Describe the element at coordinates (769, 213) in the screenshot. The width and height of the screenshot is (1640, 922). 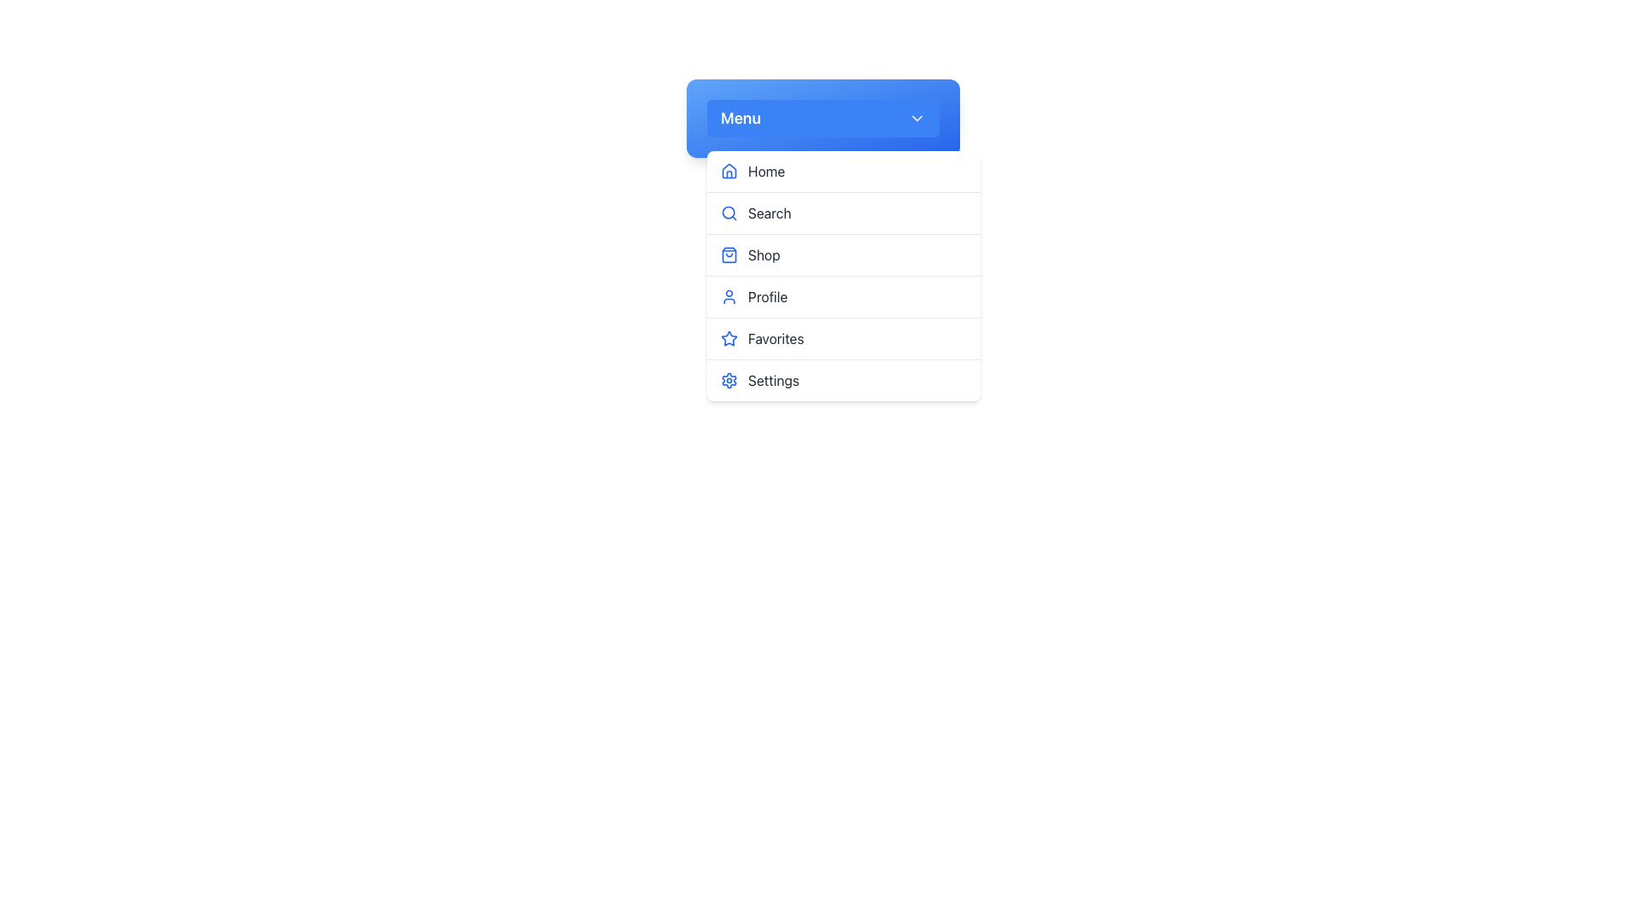
I see `the second item in the dropdown menu below the blue 'Menu' button, which is a text label likely leading to search functionality` at that location.